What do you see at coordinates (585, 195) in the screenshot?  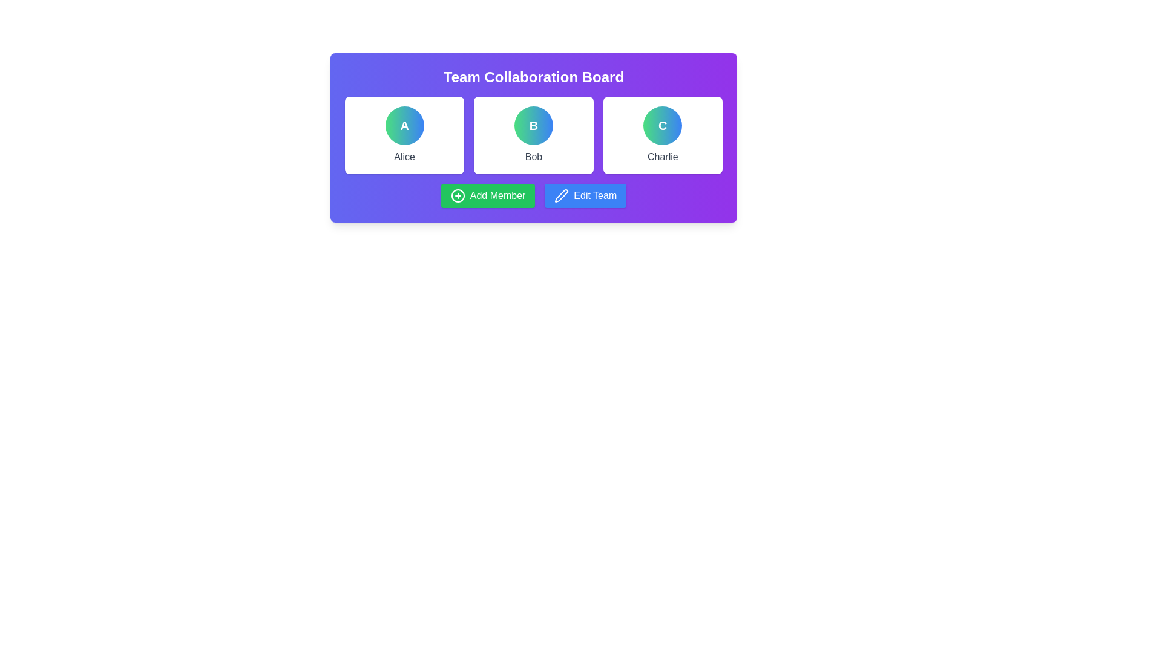 I see `the rectangular button labeled 'Edit Team' with a blue background and a pen icon` at bounding box center [585, 195].